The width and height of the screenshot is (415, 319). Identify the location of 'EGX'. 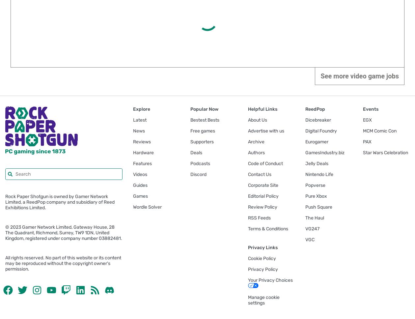
(367, 120).